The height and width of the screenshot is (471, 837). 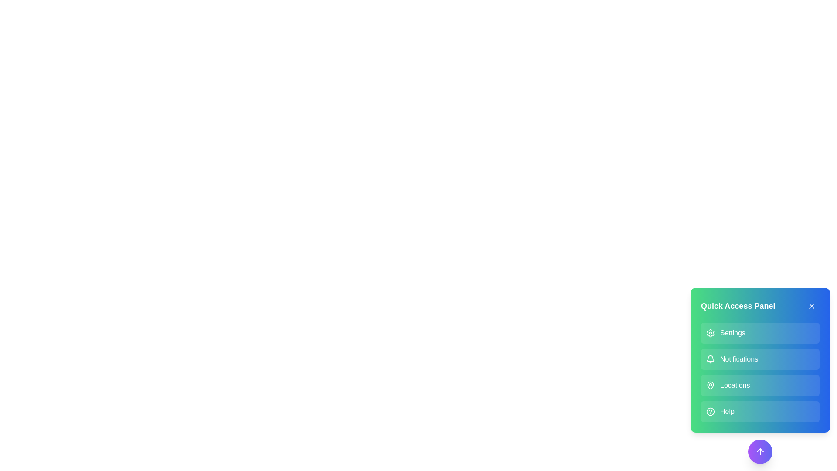 What do you see at coordinates (711, 333) in the screenshot?
I see `the 'Settings' icon in the Quick Access Panel, which is the first icon aligned to the left of the text 'Settings'` at bounding box center [711, 333].